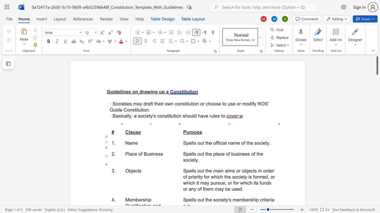 This screenshot has height=213, width=380. Describe the element at coordinates (237, 177) in the screenshot. I see `the space between the continuous character "o" and "c" in the text` at that location.